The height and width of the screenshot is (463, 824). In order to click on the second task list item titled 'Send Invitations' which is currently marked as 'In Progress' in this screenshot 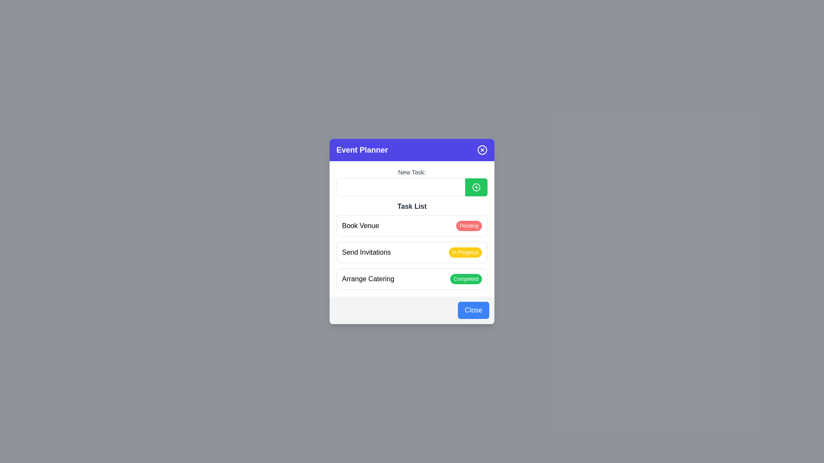, I will do `click(412, 252)`.